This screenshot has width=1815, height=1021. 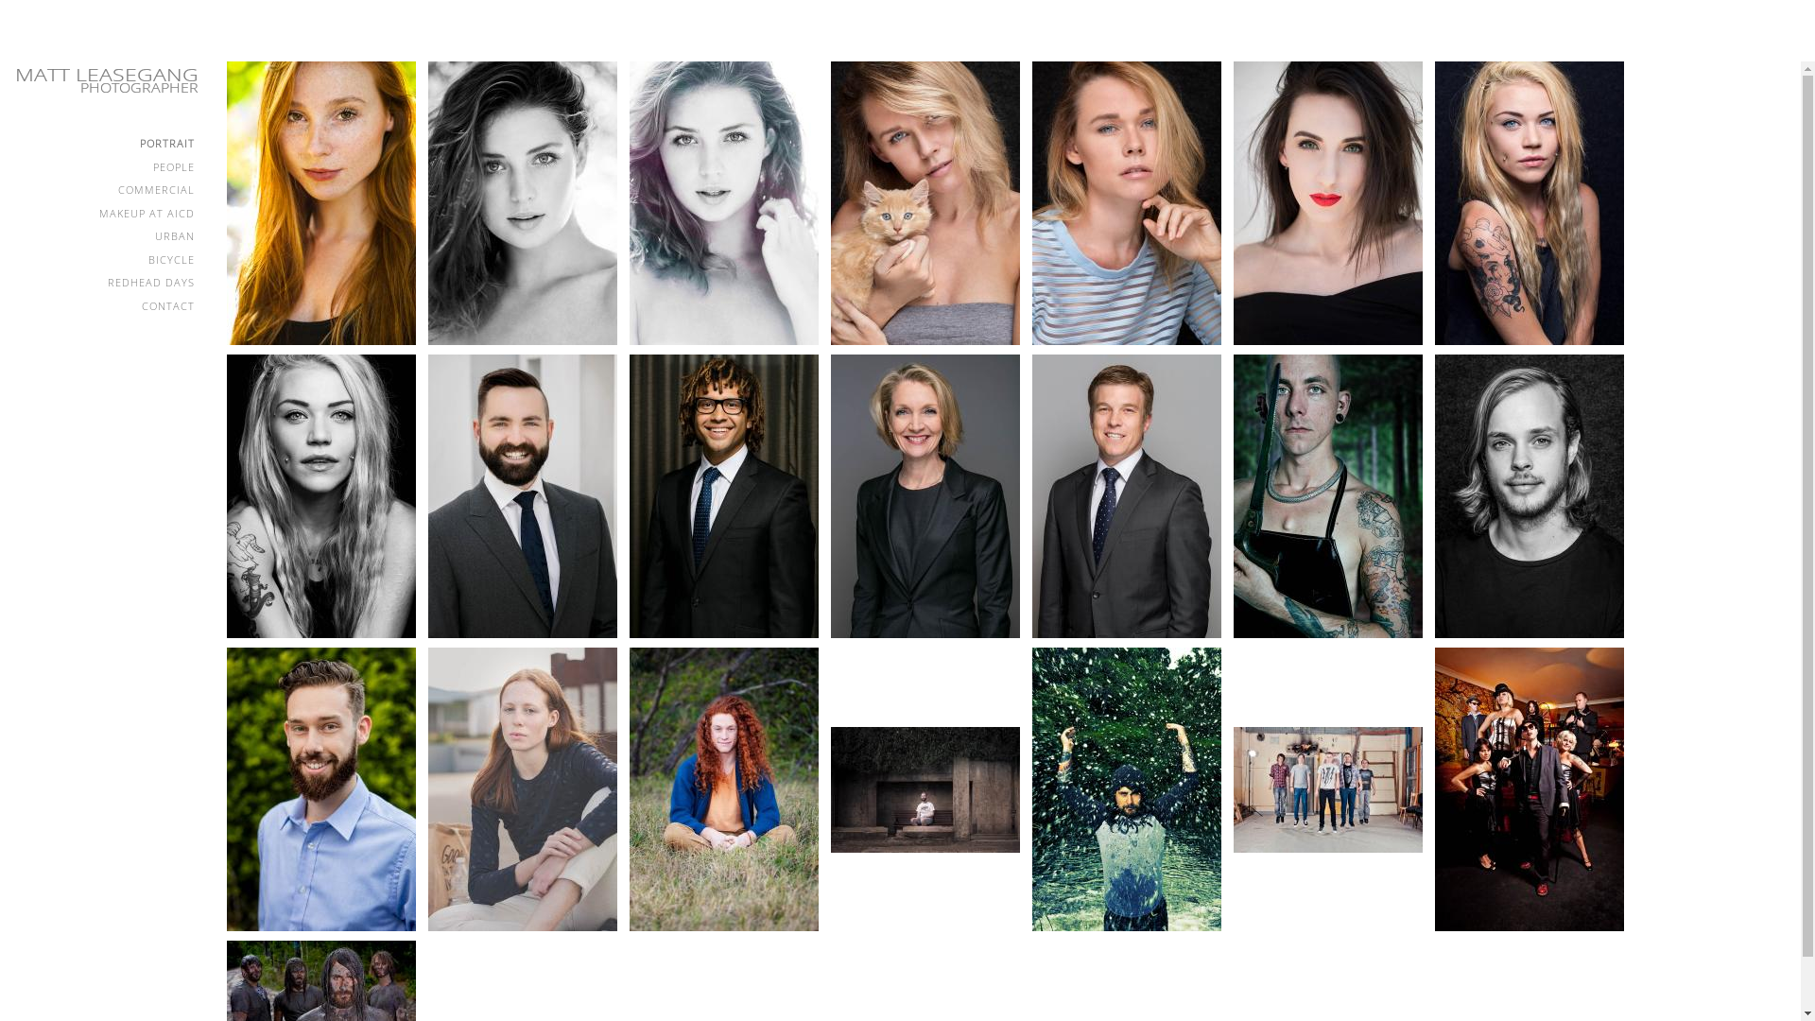 I want to click on 'MAKEUP AT AICD', so click(x=103, y=213).